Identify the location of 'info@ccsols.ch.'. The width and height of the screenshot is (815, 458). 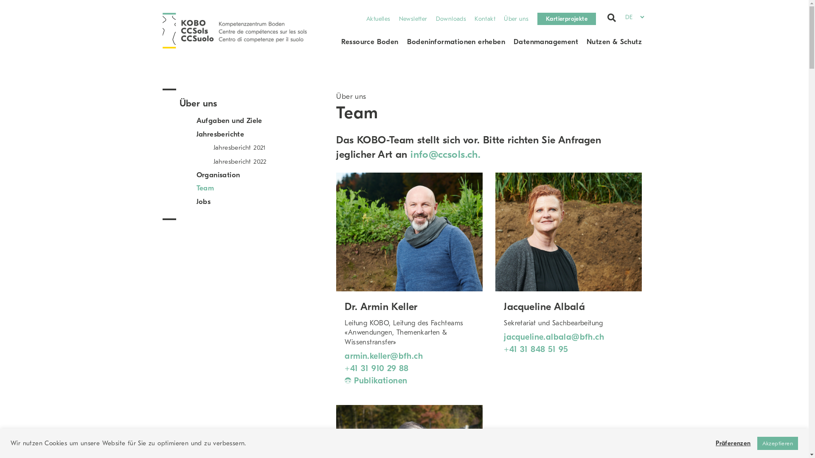
(410, 154).